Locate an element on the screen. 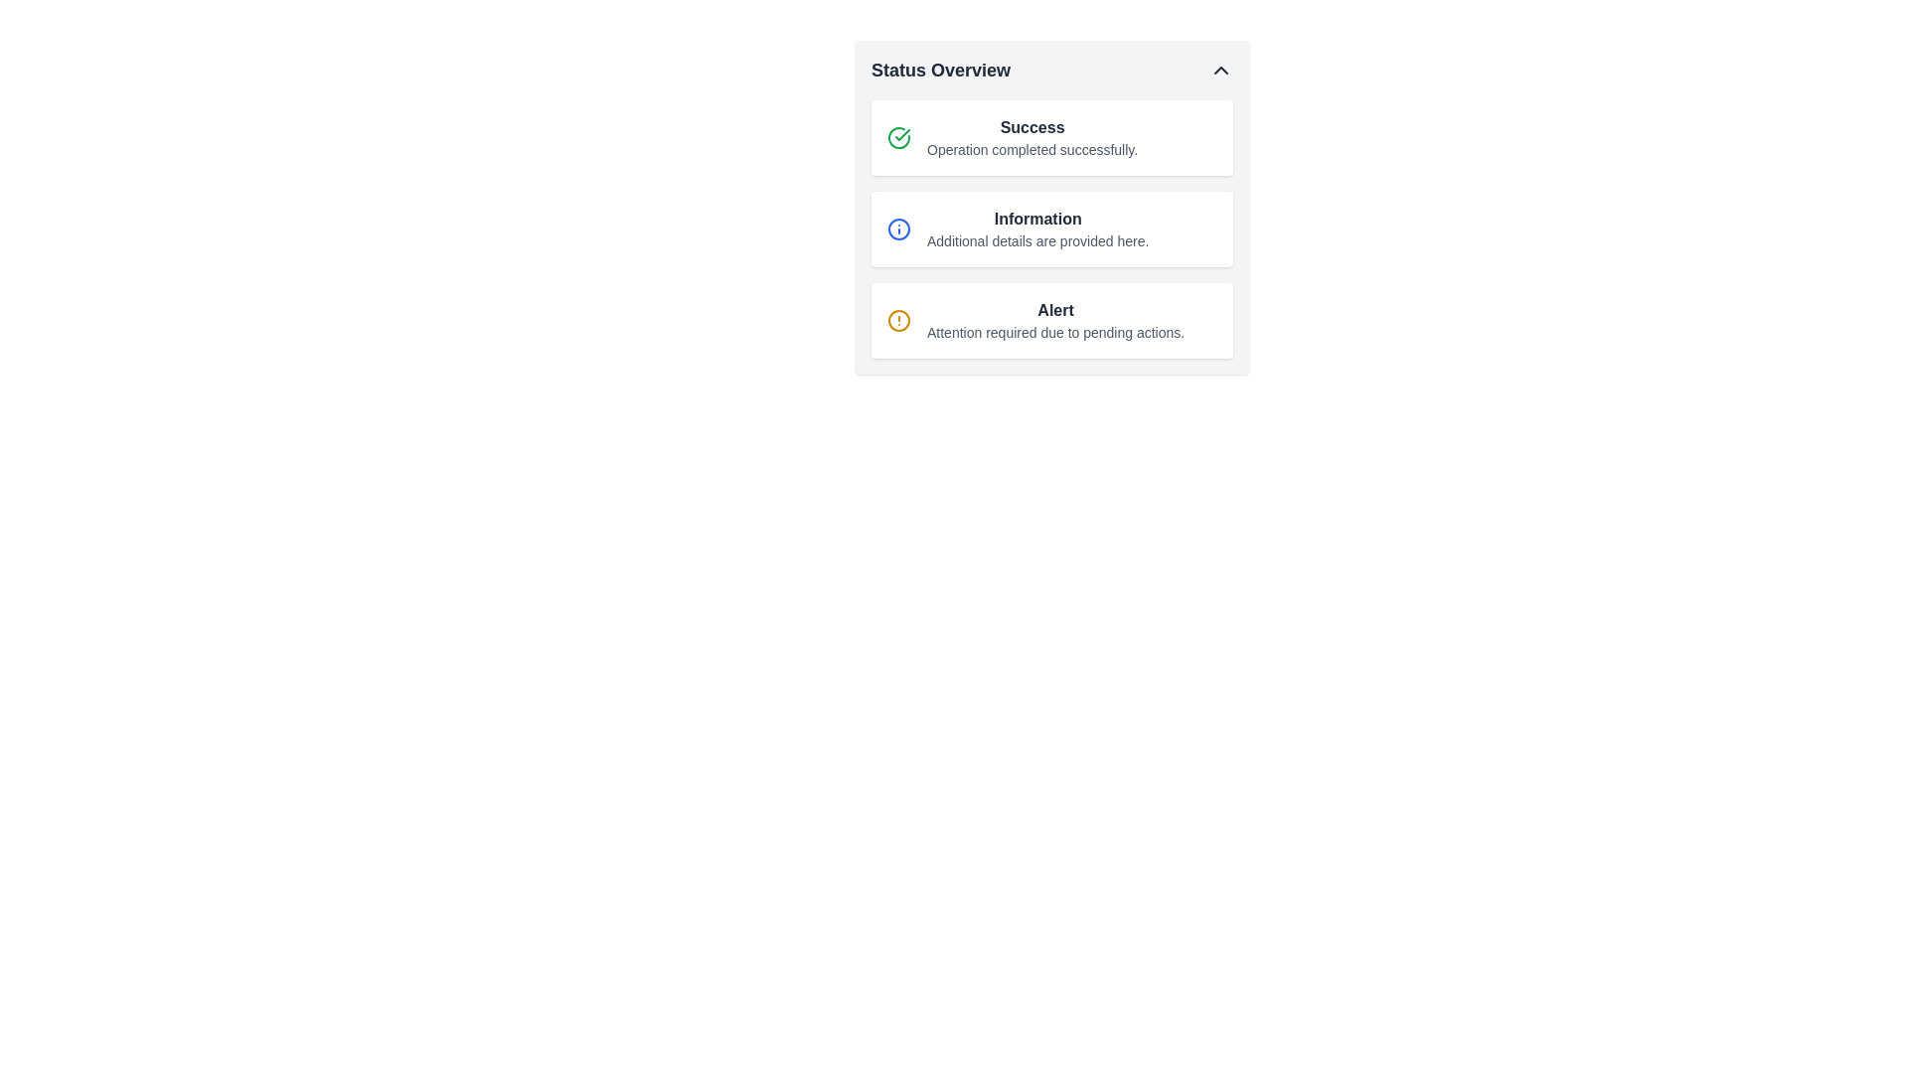 The width and height of the screenshot is (1908, 1073). the Informational block in the 'Status Overview' section, which is visually emphasized with a blue information icon and contains supplementary information, located between the 'Success' and 'Alert' blocks is located at coordinates (1051, 229).